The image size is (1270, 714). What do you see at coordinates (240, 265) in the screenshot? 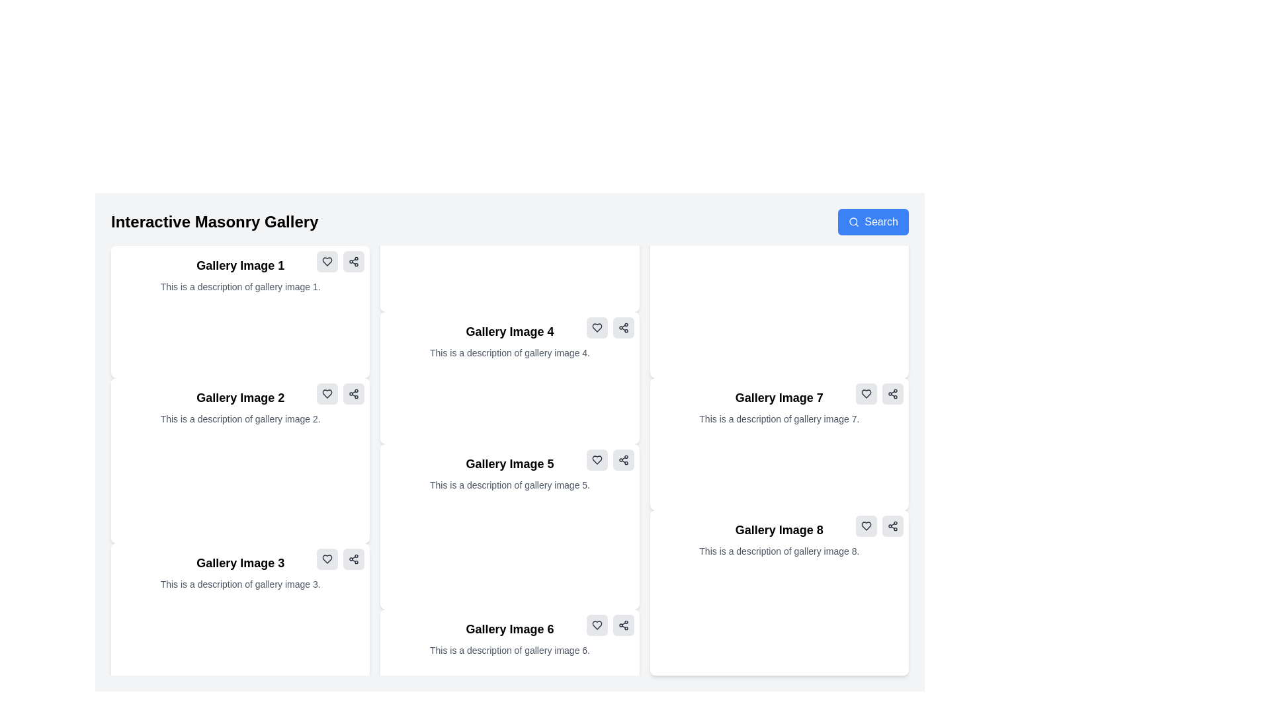
I see `the bold text label that reads 'Gallery Image 1', located in the top-left corner of the gallery layout, above its description` at bounding box center [240, 265].